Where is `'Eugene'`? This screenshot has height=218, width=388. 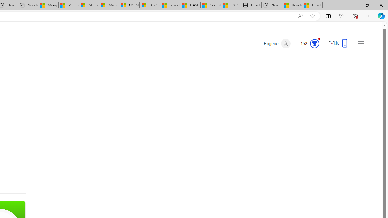 'Eugene' is located at coordinates (277, 43).